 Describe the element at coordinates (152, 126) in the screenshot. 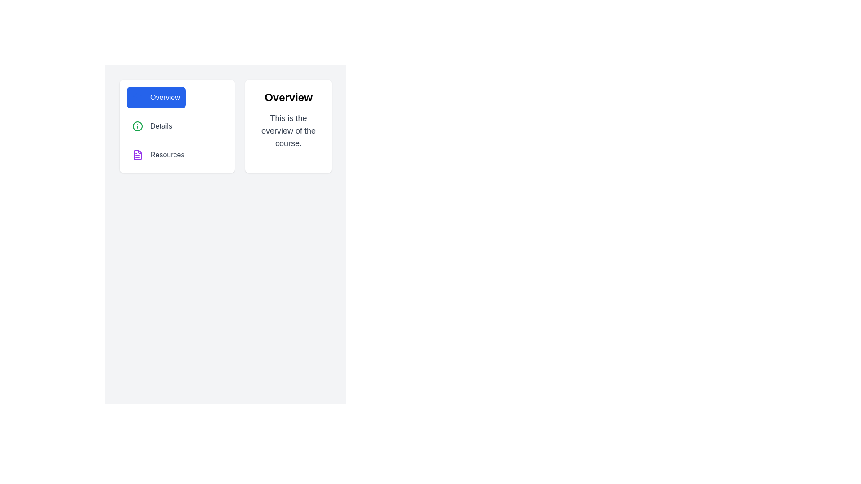

I see `keyboard navigation` at that location.